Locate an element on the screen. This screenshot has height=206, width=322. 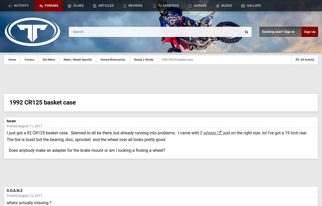
'TT Picks' is located at coordinates (15, 30).